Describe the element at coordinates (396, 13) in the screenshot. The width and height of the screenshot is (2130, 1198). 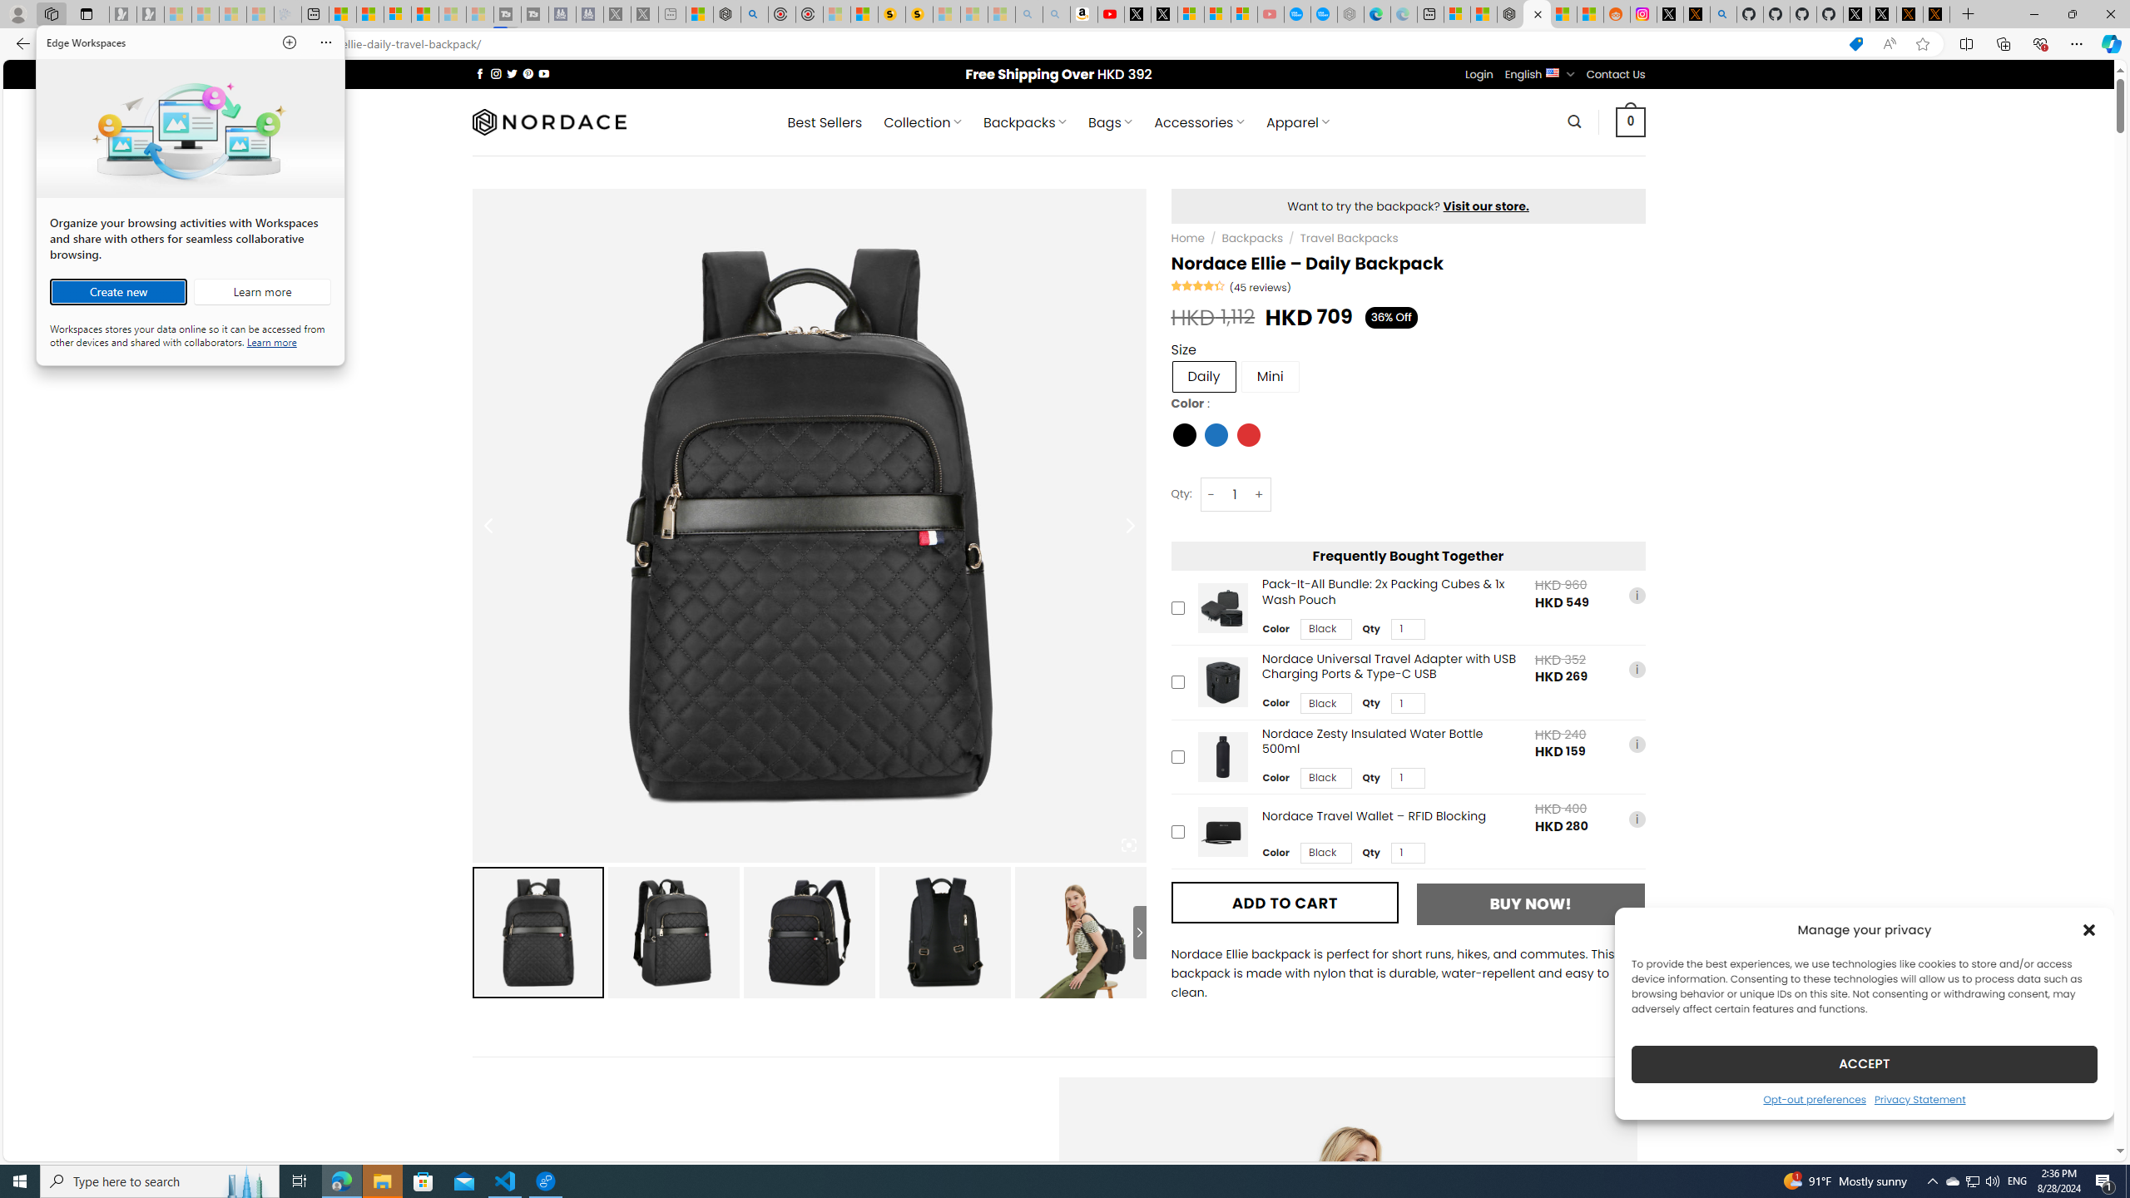
I see `'Overview'` at that location.